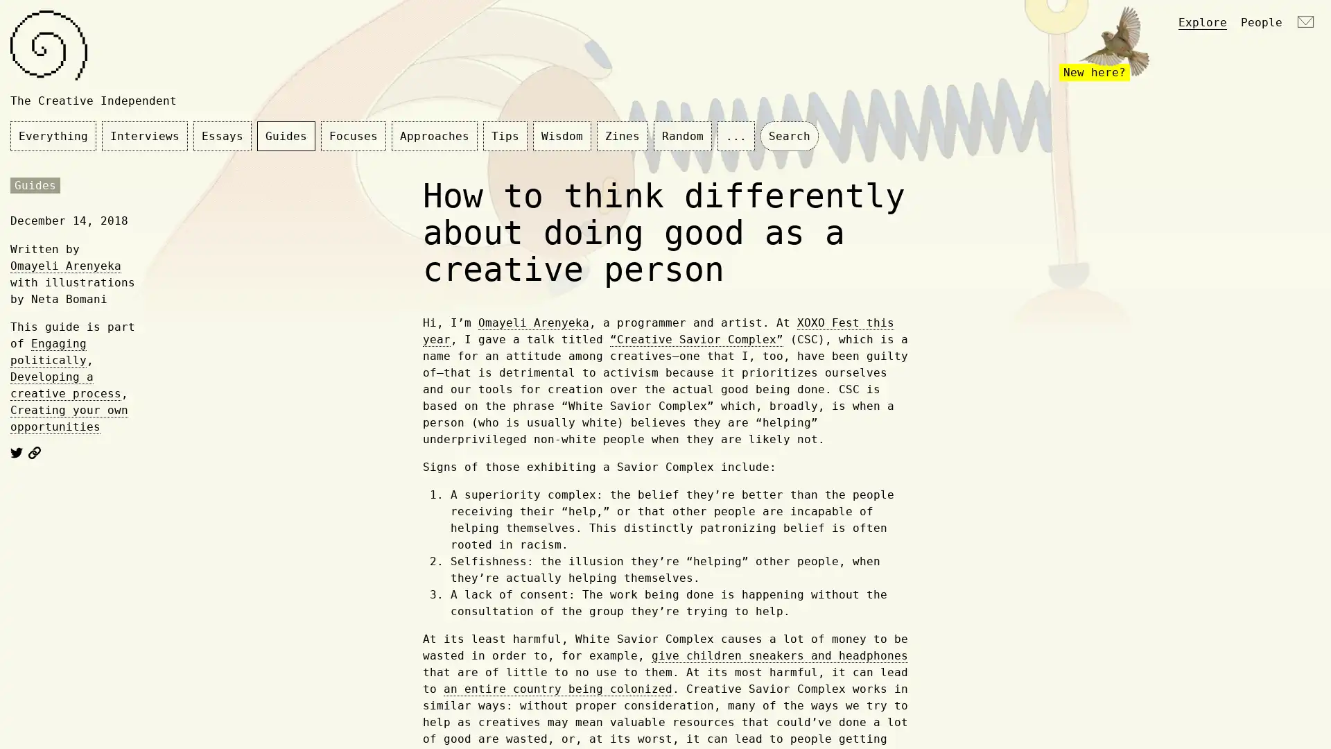 The height and width of the screenshot is (749, 1331). I want to click on Search, so click(789, 136).